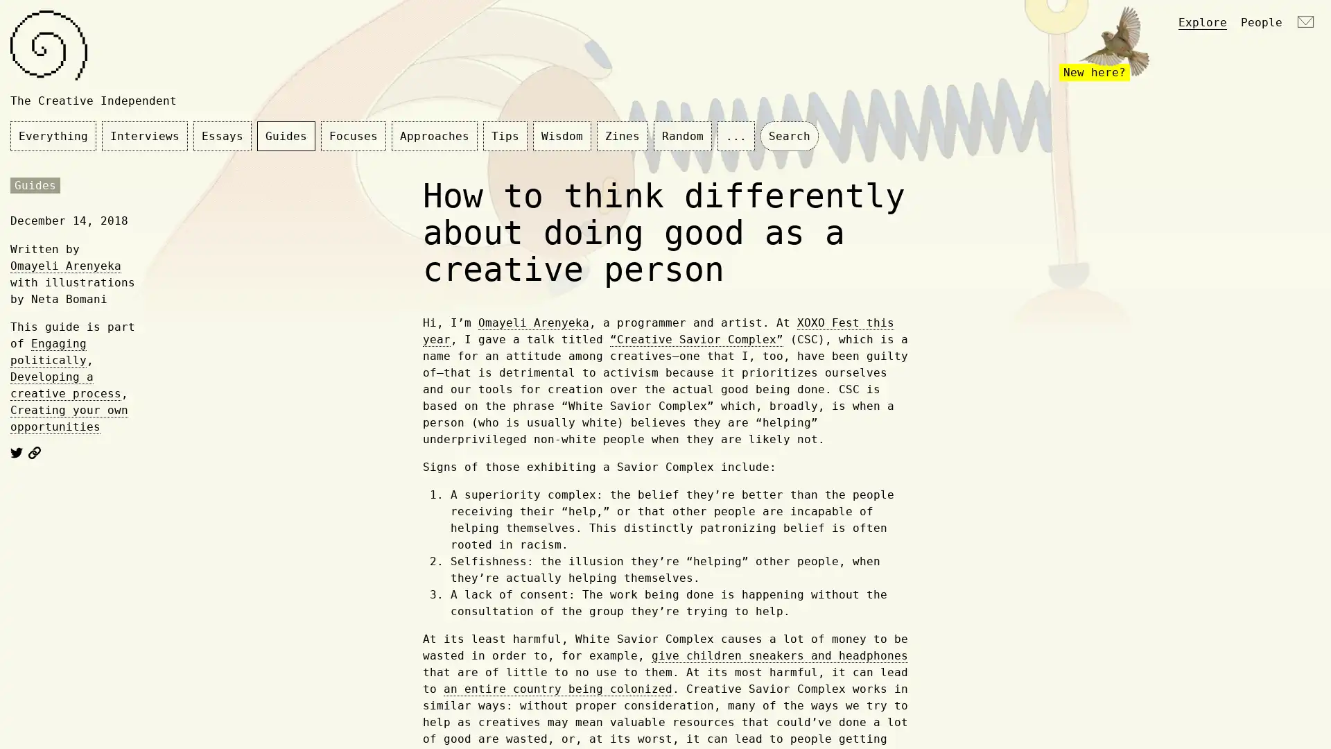 The height and width of the screenshot is (749, 1331). I want to click on Search, so click(789, 136).